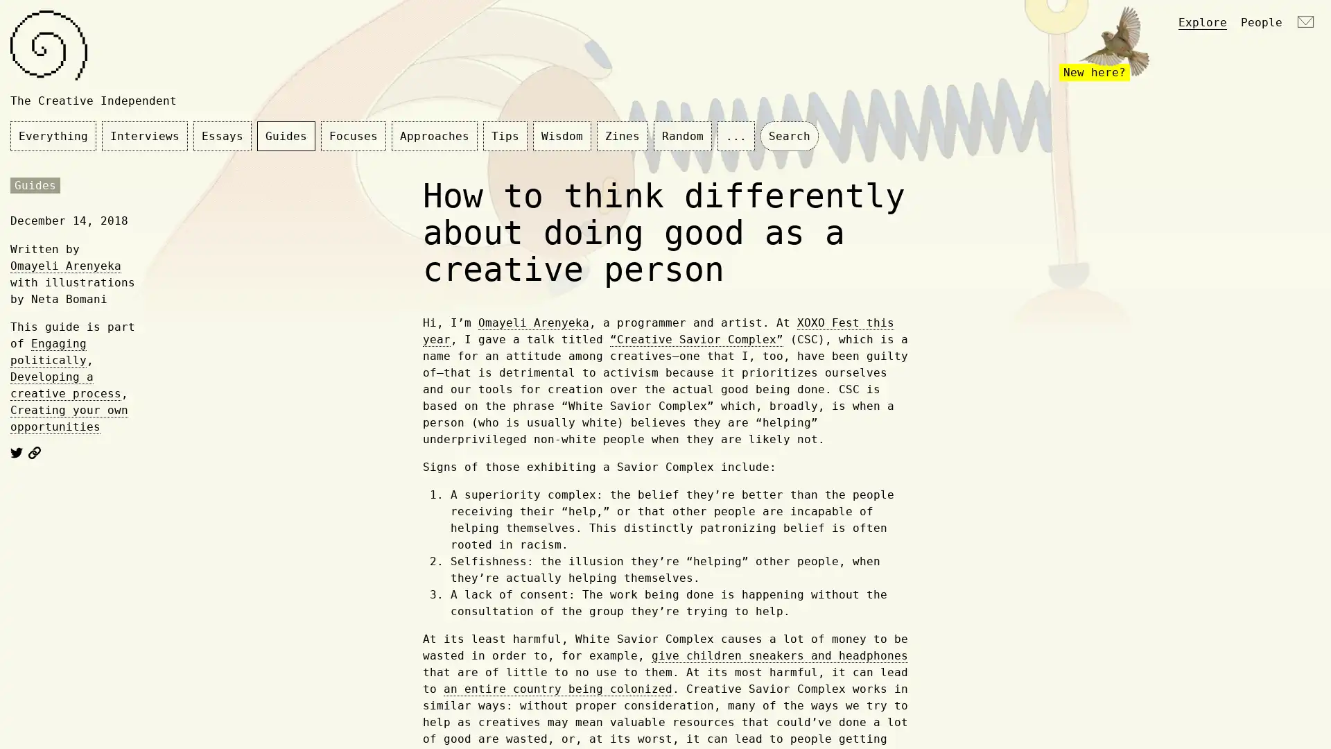 The height and width of the screenshot is (749, 1331). I want to click on Search, so click(789, 136).